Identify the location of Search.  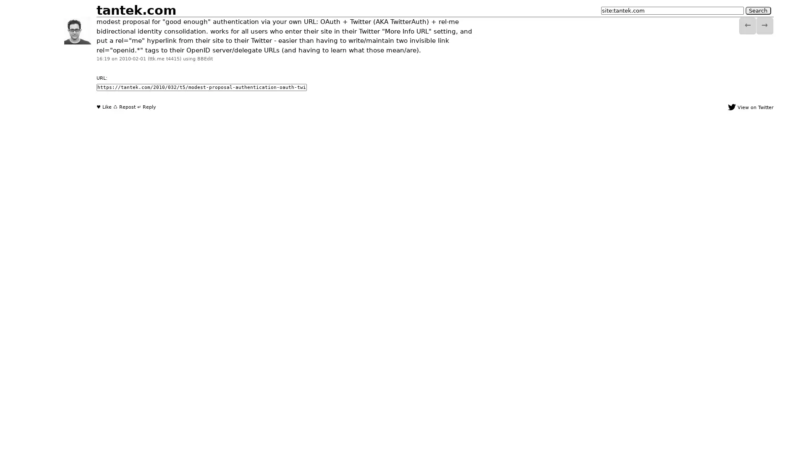
(758, 10).